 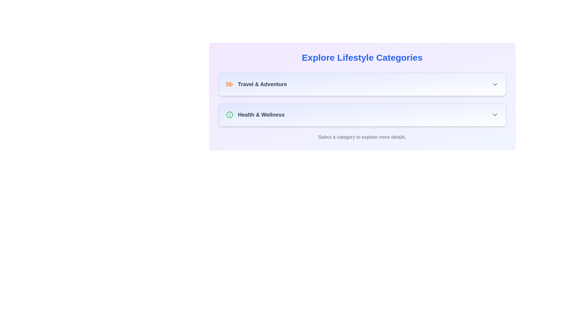 What do you see at coordinates (362, 115) in the screenshot?
I see `the 'Health & Wellness' button` at bounding box center [362, 115].